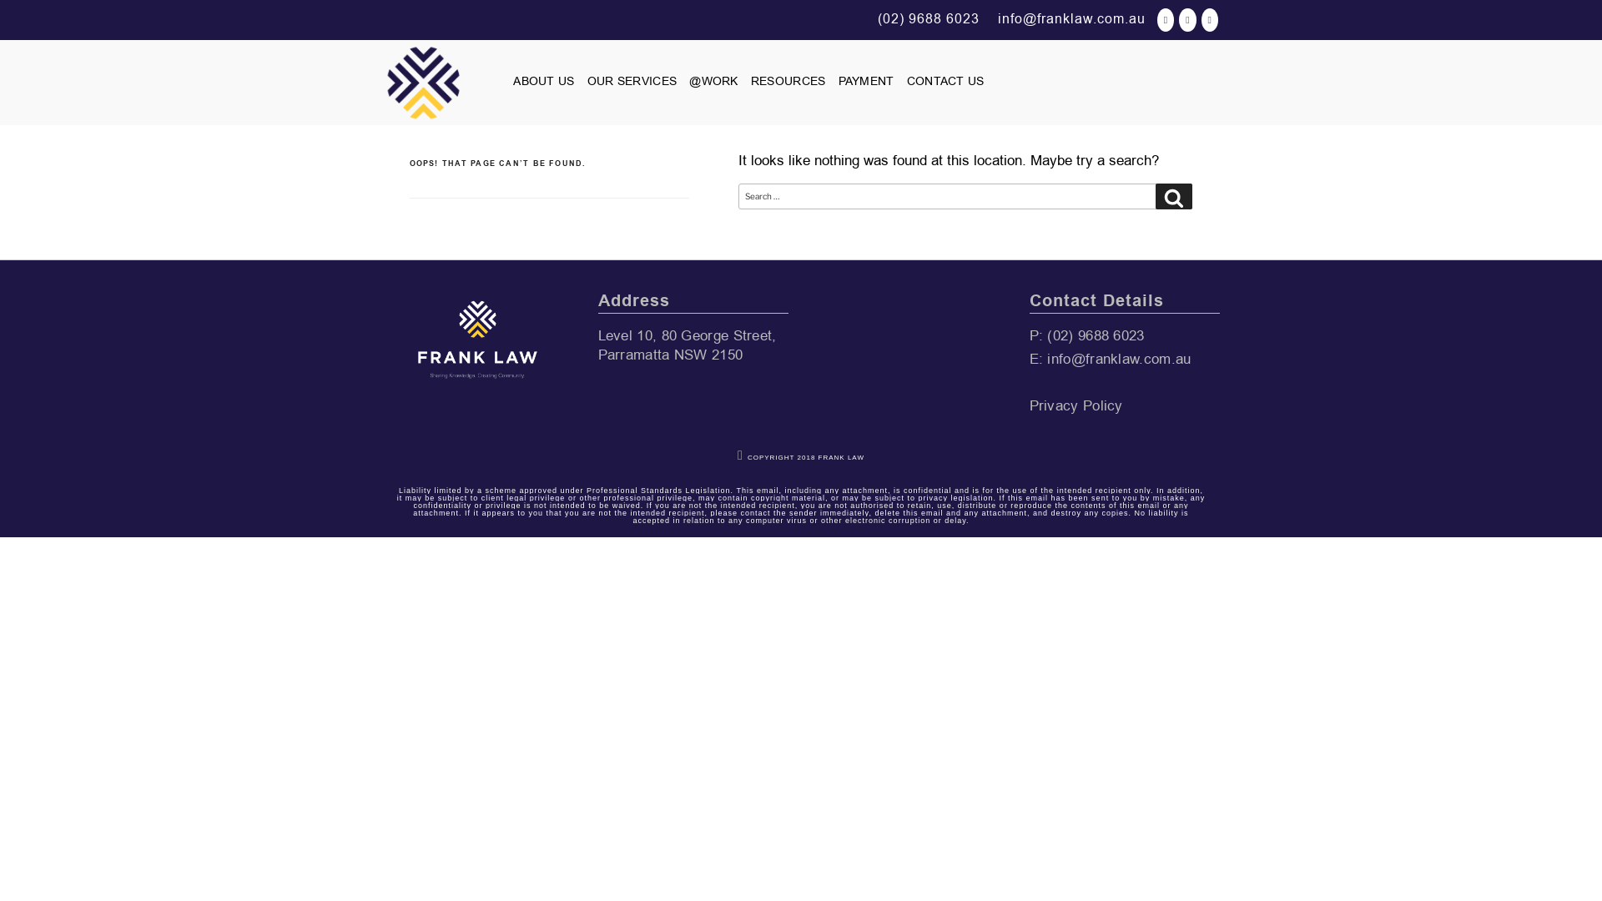  Describe the element at coordinates (1076, 405) in the screenshot. I see `'Privacy Policy'` at that location.